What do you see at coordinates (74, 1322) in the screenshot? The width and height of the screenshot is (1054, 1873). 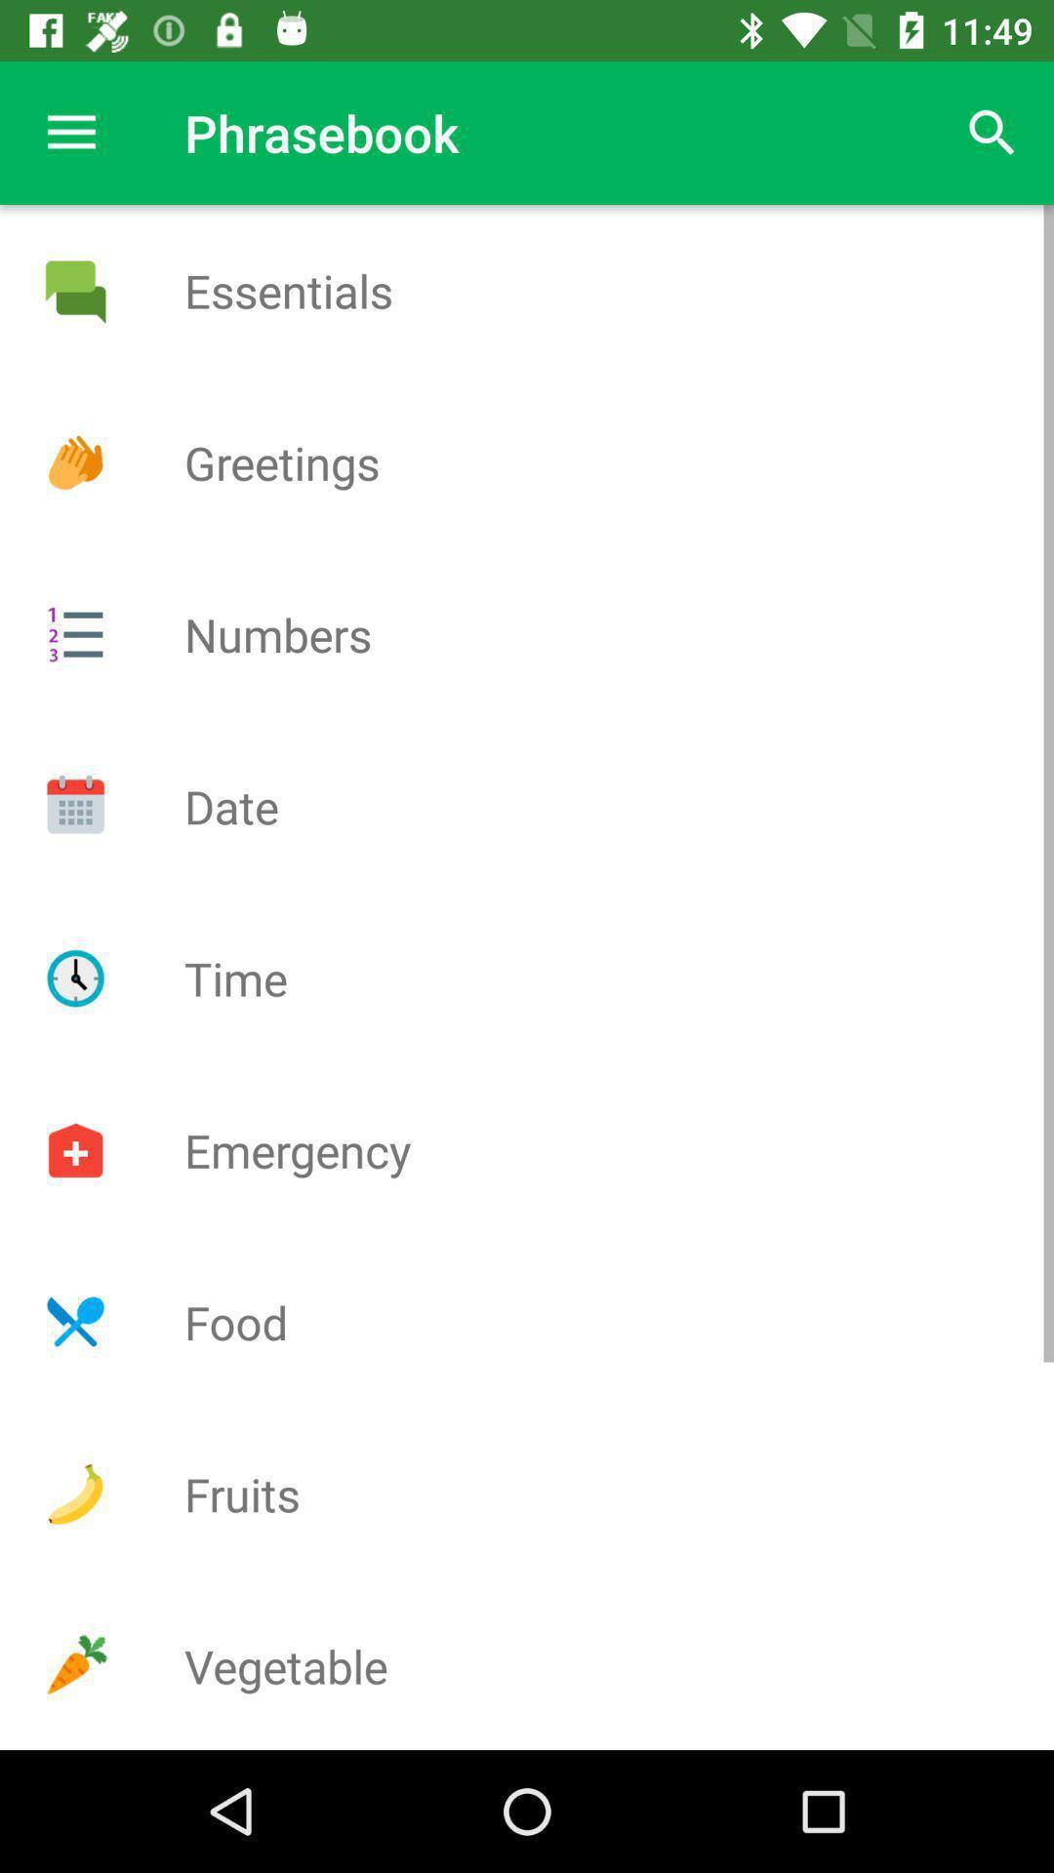 I see `food phrases` at bounding box center [74, 1322].